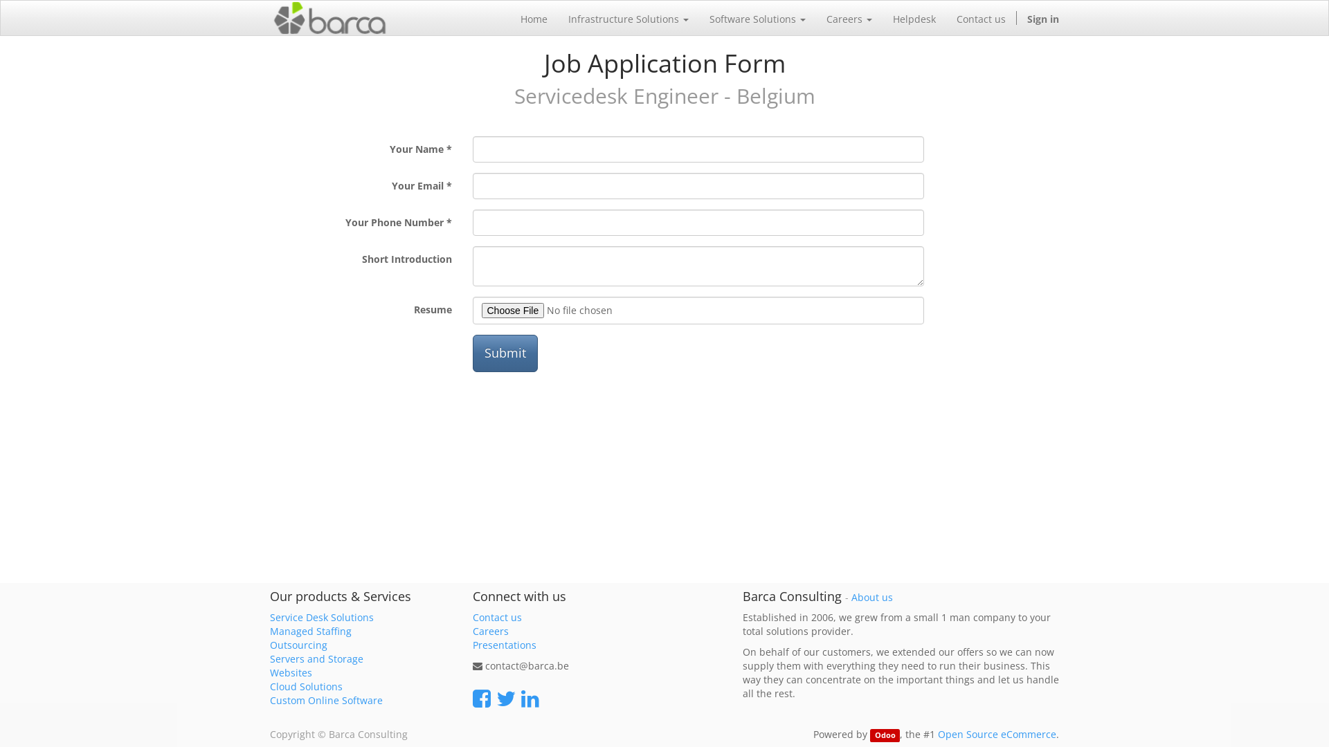 This screenshot has height=747, width=1329. Describe the element at coordinates (1016, 18) in the screenshot. I see `'Sign in'` at that location.